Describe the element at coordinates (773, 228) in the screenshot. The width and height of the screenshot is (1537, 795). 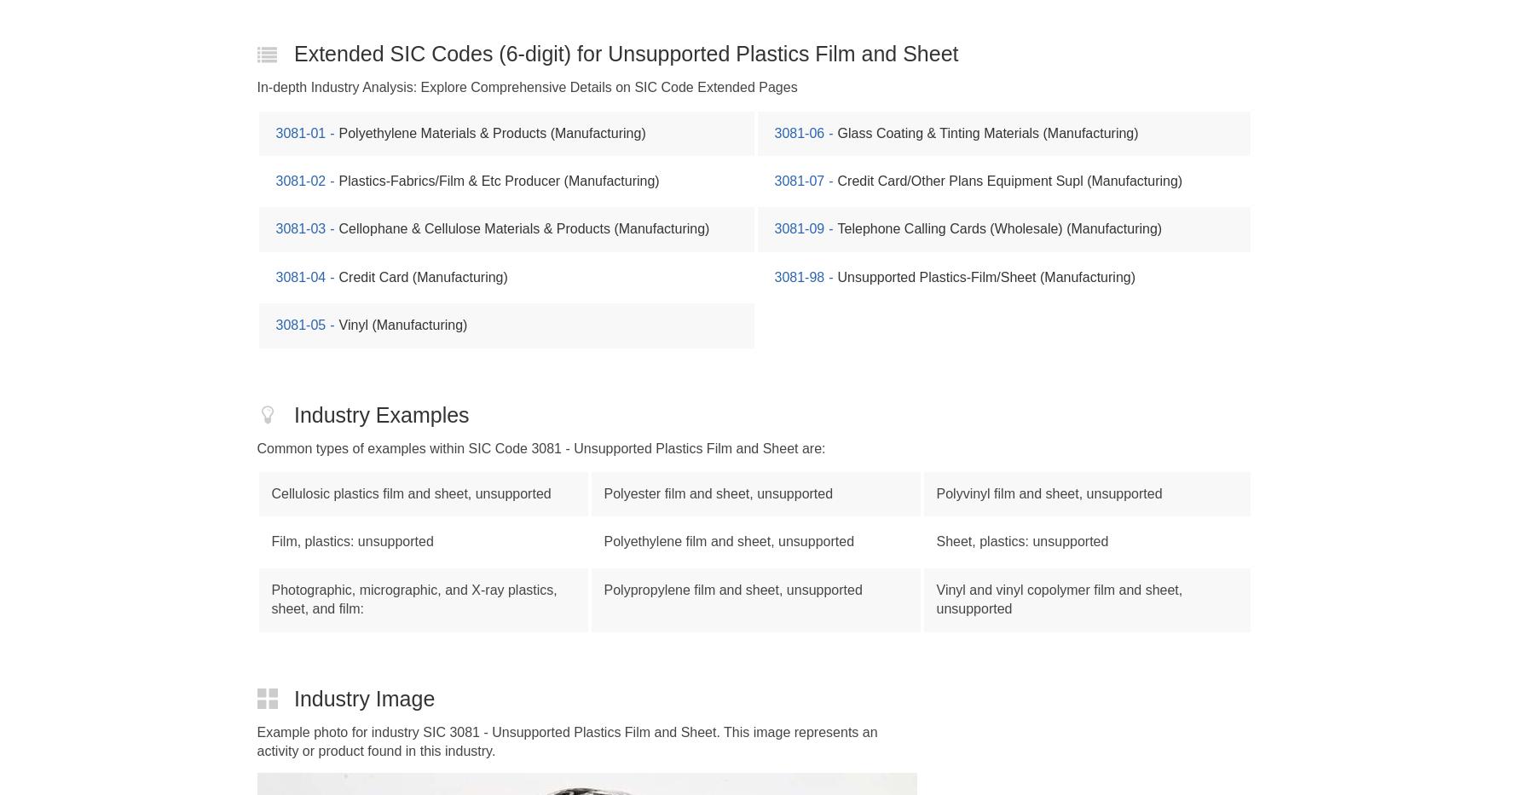
I see `'3081-09'` at that location.